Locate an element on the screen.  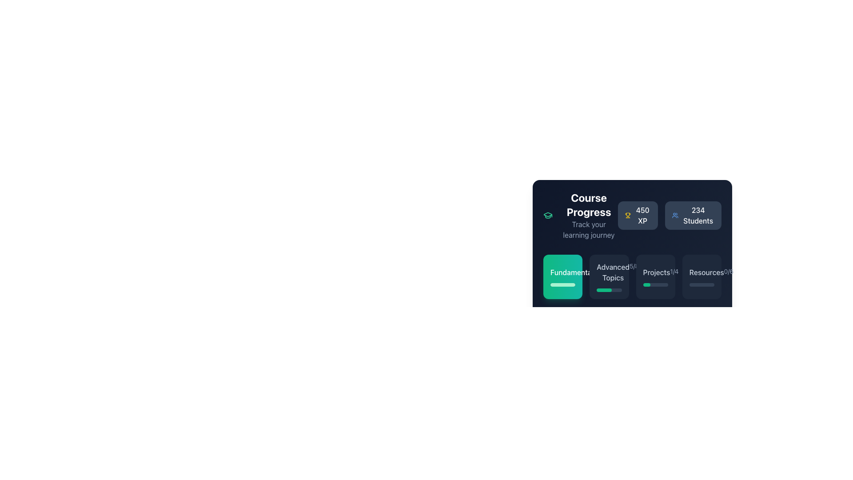
the progress tracker card is located at coordinates (655, 276).